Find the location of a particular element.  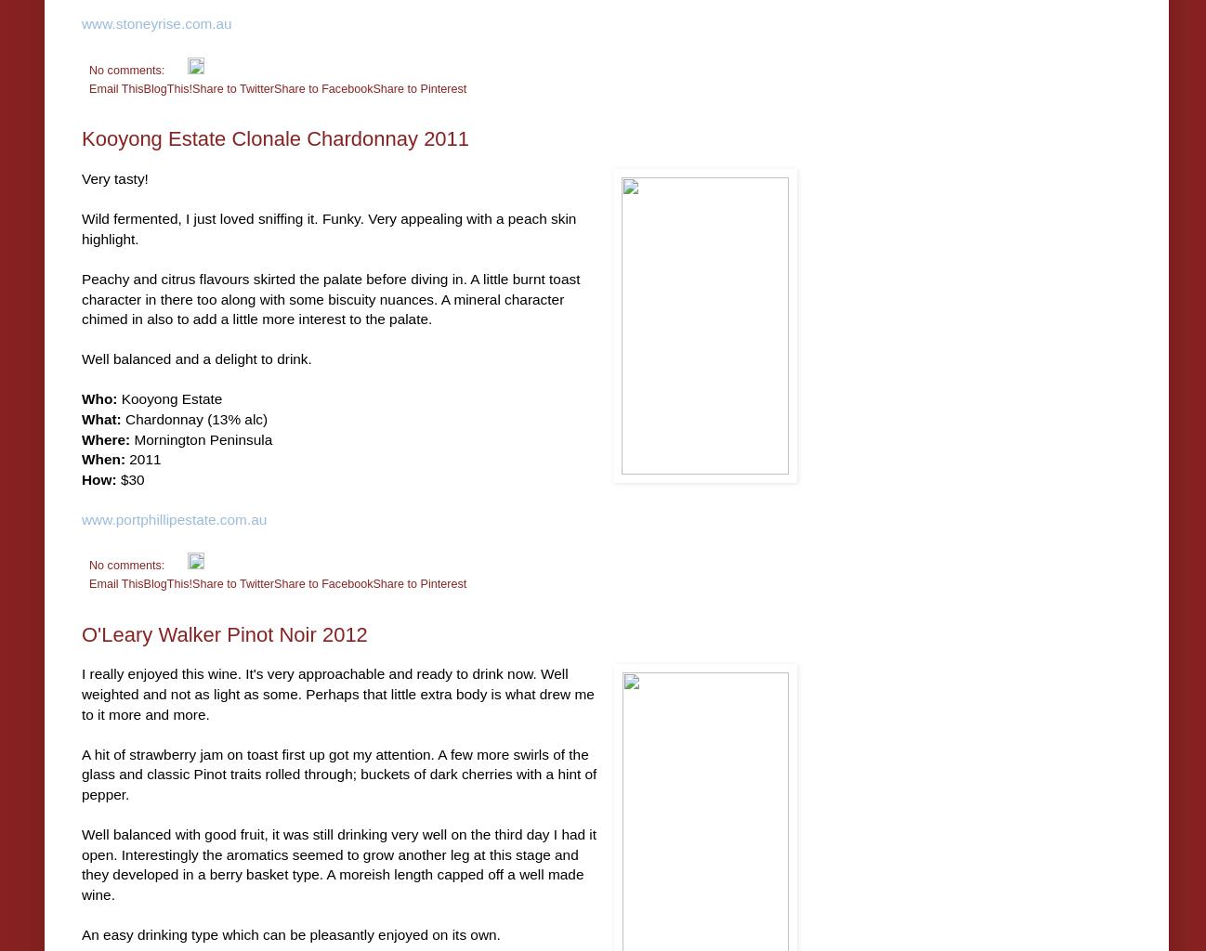

'Very tasty!' is located at coordinates (114, 178).